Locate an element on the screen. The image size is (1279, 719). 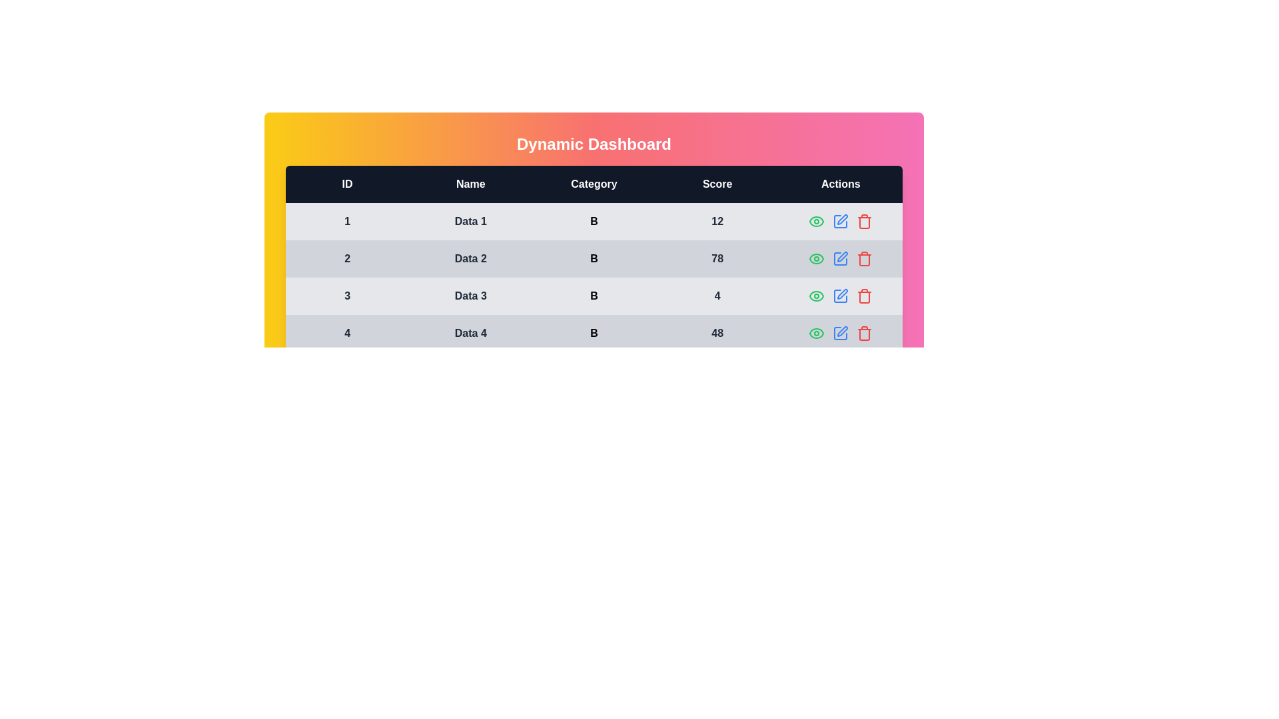
the row corresponding to 1 is located at coordinates (864, 220).